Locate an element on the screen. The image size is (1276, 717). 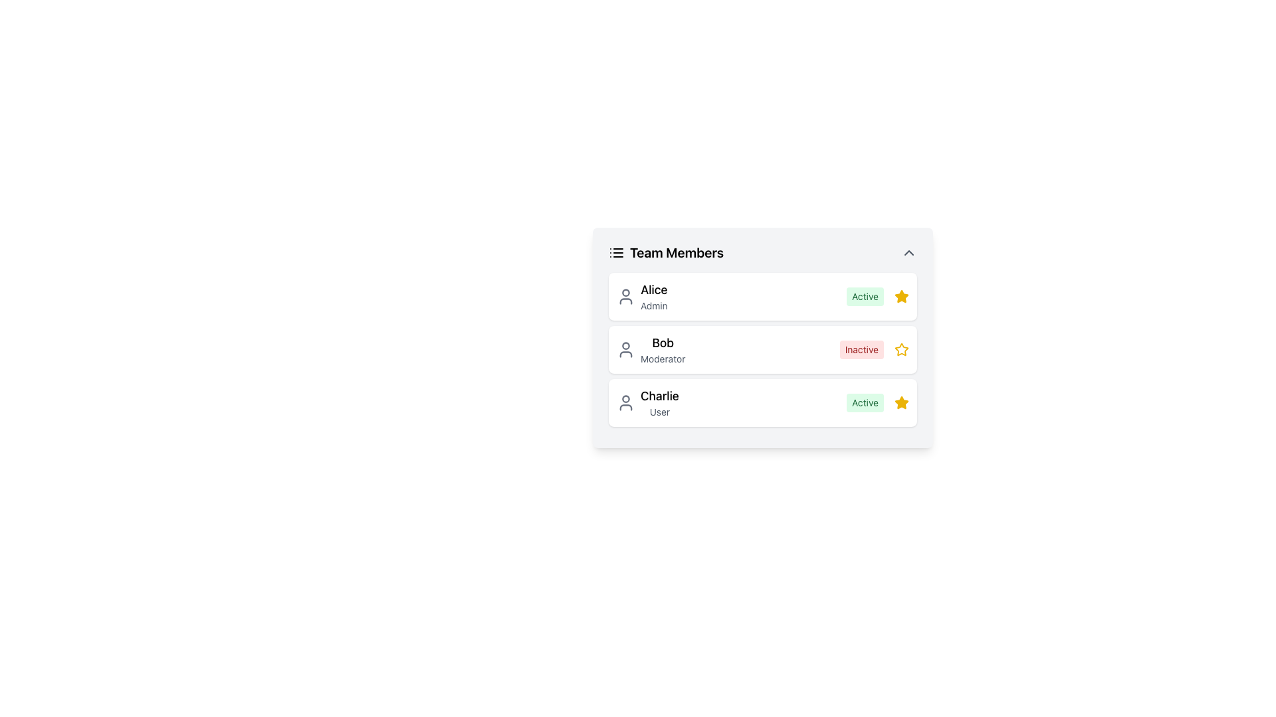
the text label displaying 'Alice' in bold and 'Admin' in gray, located within the team members section of the card-like structure is located at coordinates (654, 296).